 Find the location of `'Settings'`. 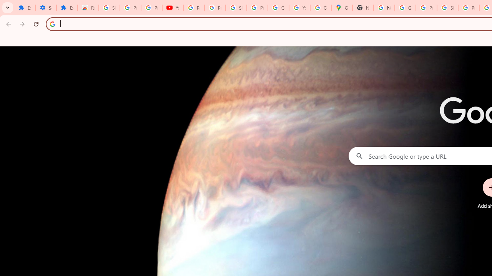

'Settings' is located at coordinates (45, 8).